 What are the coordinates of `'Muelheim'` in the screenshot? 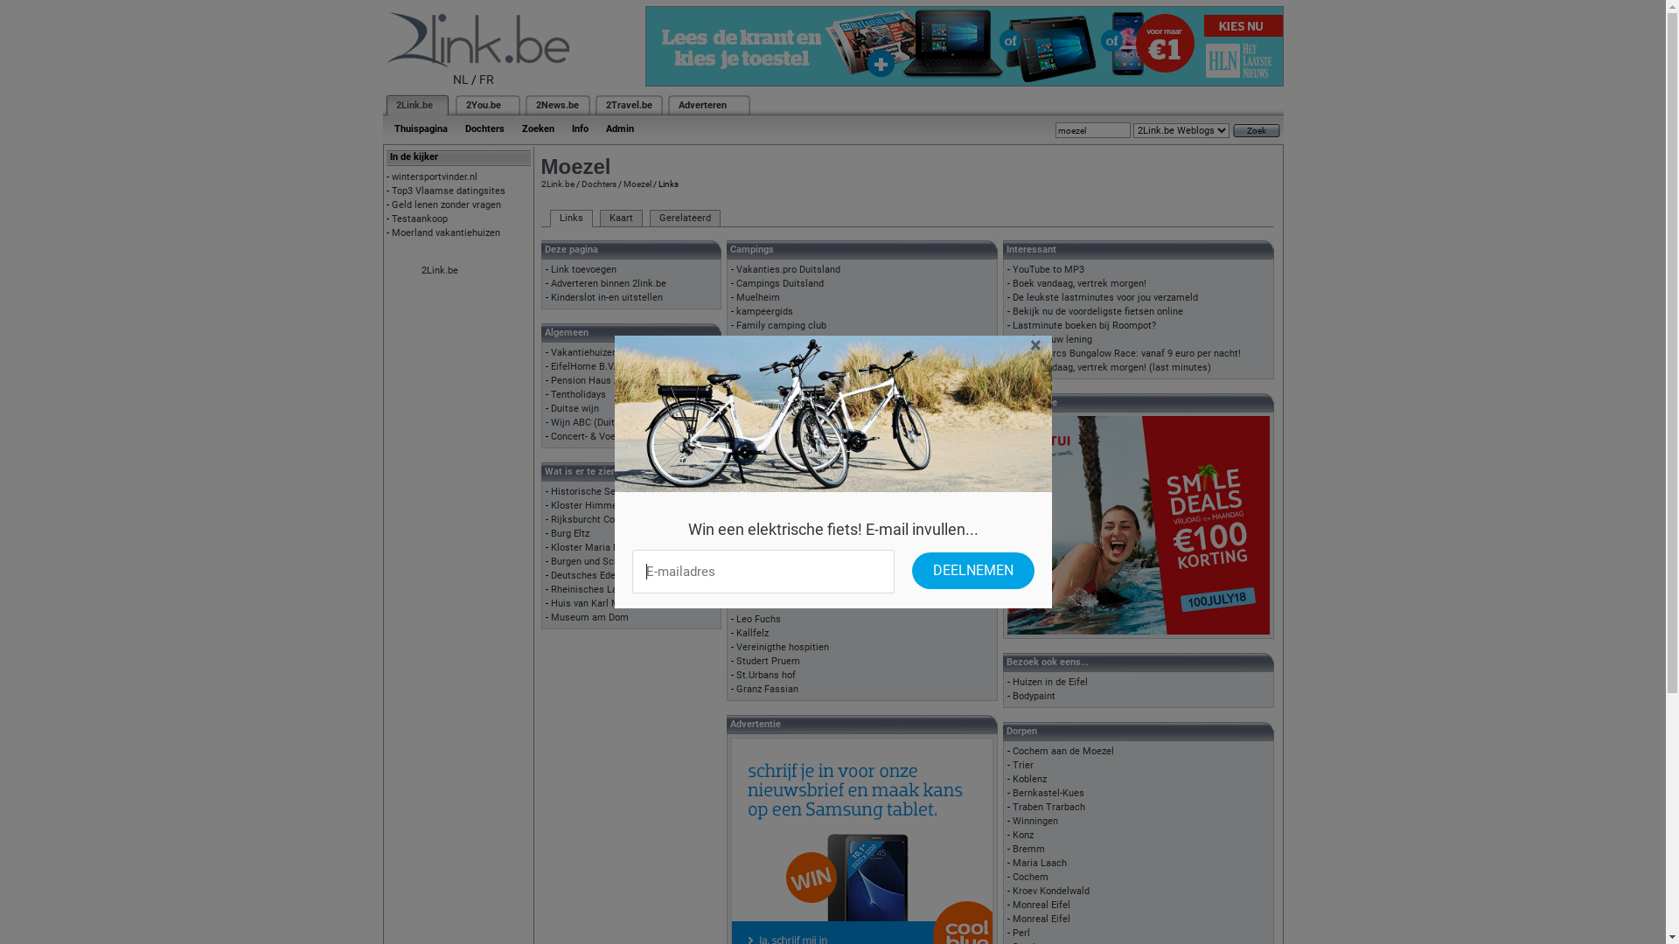 It's located at (758, 296).